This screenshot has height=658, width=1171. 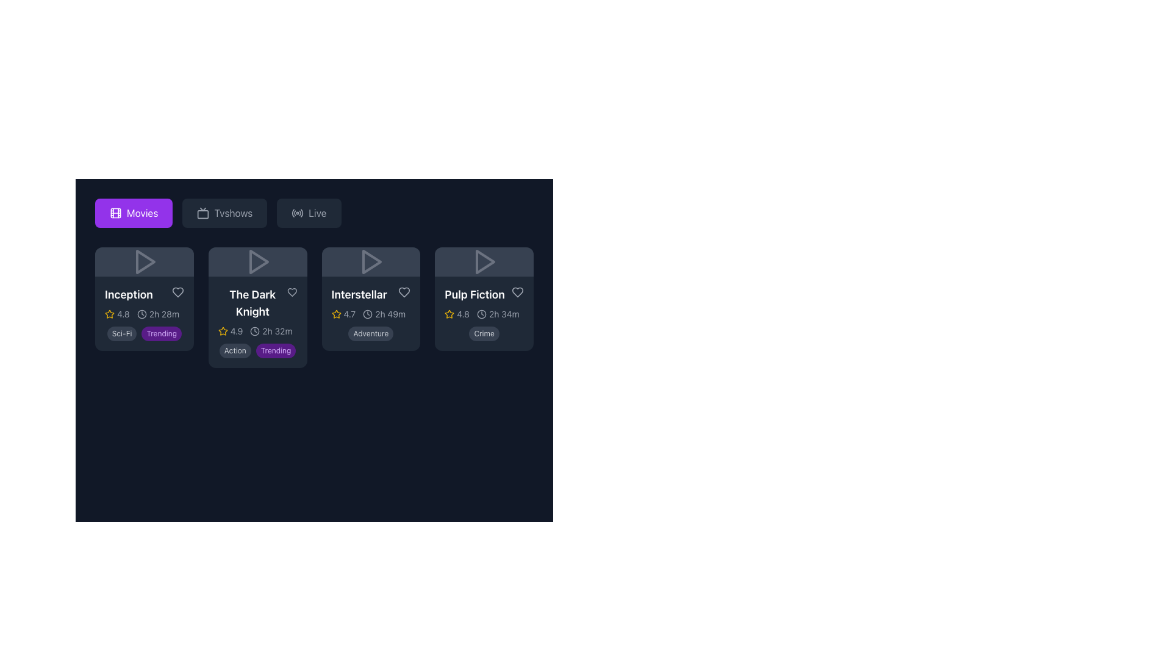 I want to click on the triangular play icon located at the top of the movie card for 'Pulp Fiction', which is rendered in gray and turns purple on hover, so click(x=484, y=261).